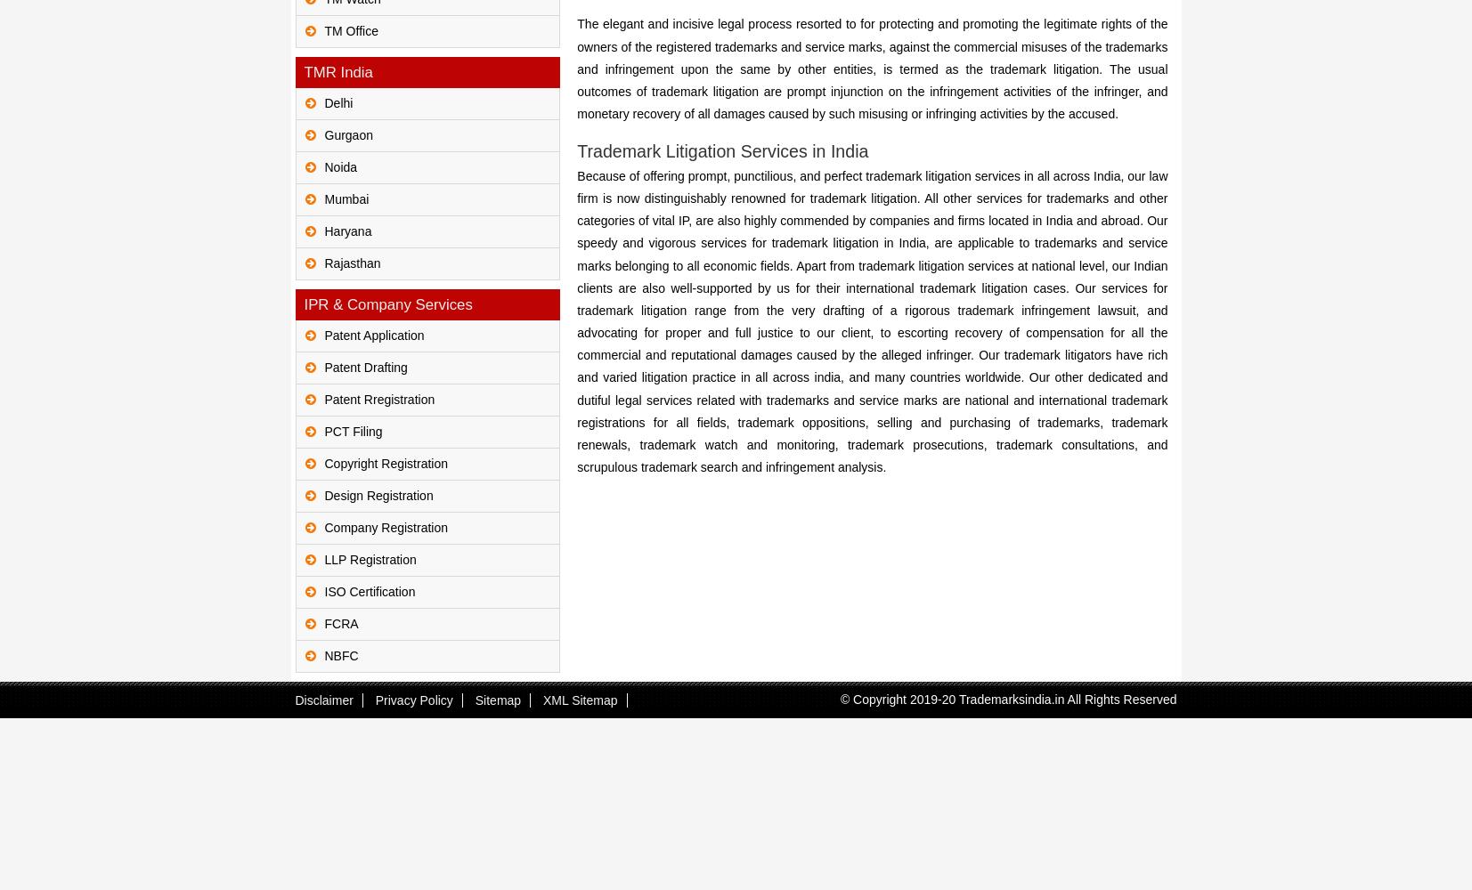  What do you see at coordinates (350, 30) in the screenshot?
I see `'TM Office'` at bounding box center [350, 30].